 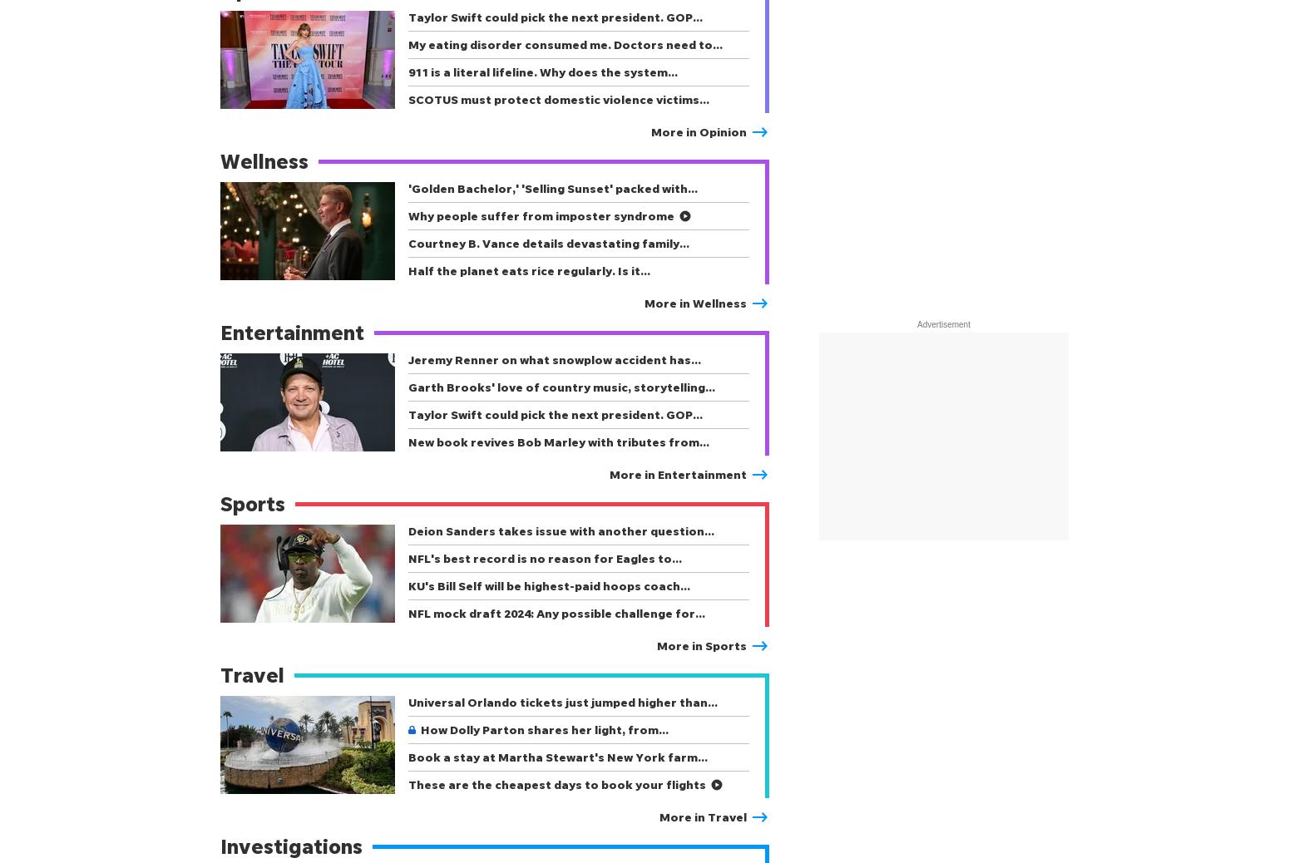 I want to click on 'KU's Bill Self will be highest-paid hoops coach…', so click(x=548, y=584).